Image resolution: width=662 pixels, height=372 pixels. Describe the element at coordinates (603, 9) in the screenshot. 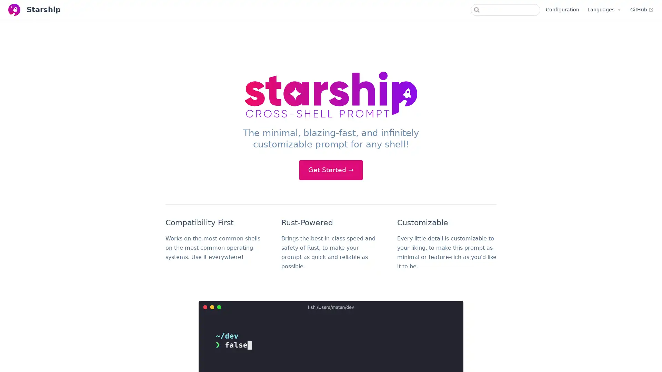

I see `Select language` at that location.